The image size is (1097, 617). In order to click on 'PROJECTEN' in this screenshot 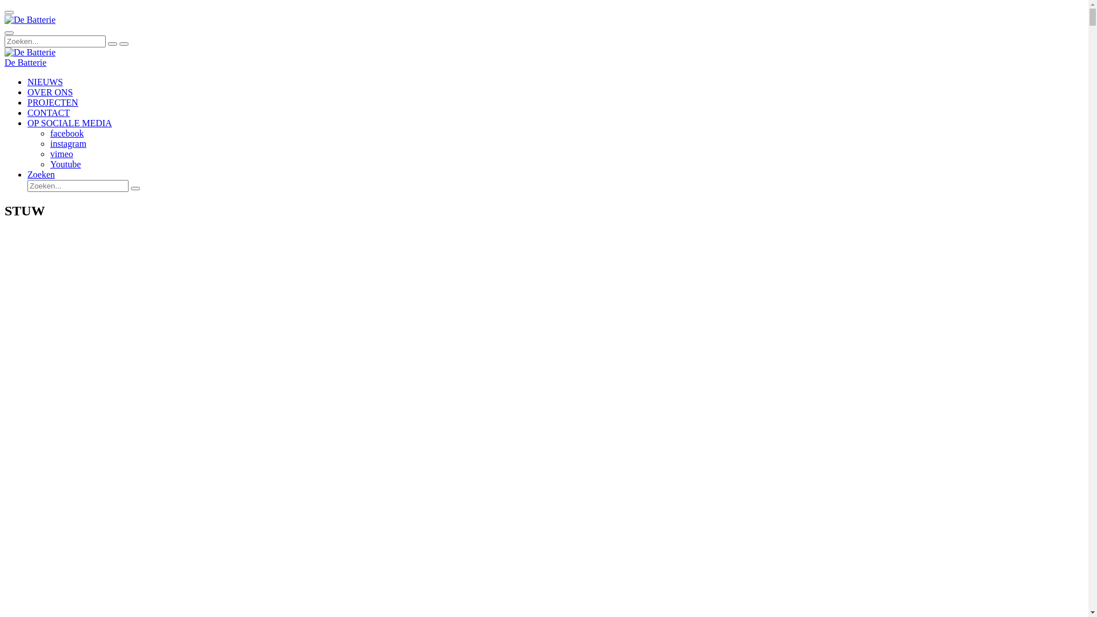, I will do `click(27, 102)`.